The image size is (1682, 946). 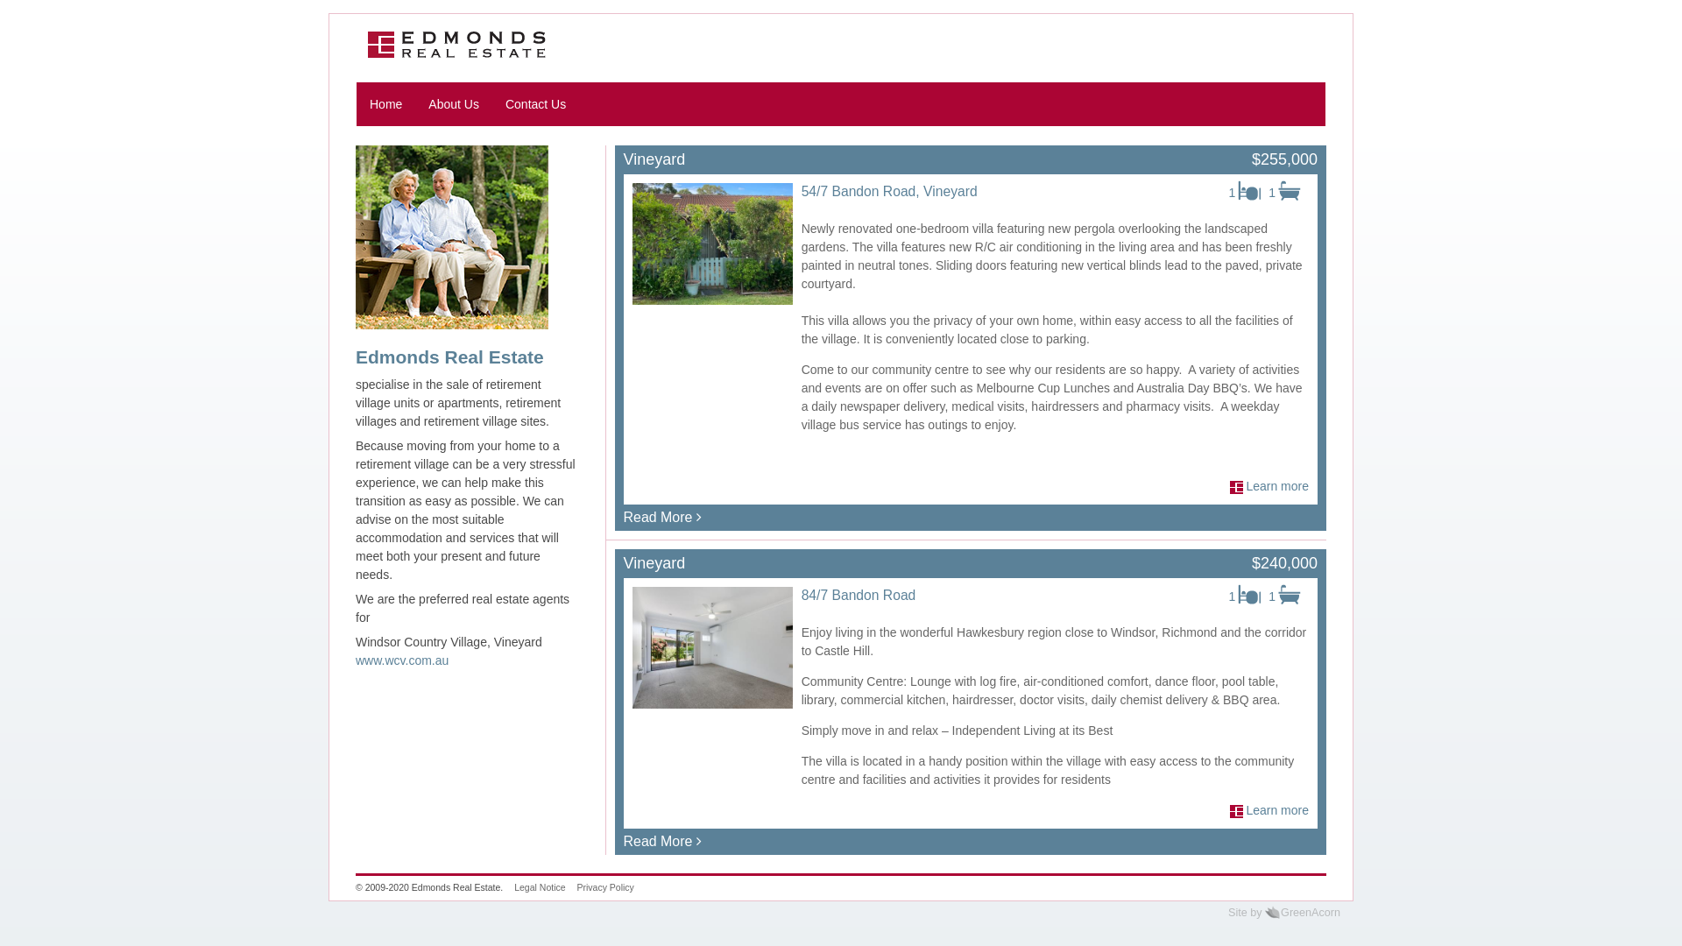 I want to click on 'Read More', so click(x=661, y=516).